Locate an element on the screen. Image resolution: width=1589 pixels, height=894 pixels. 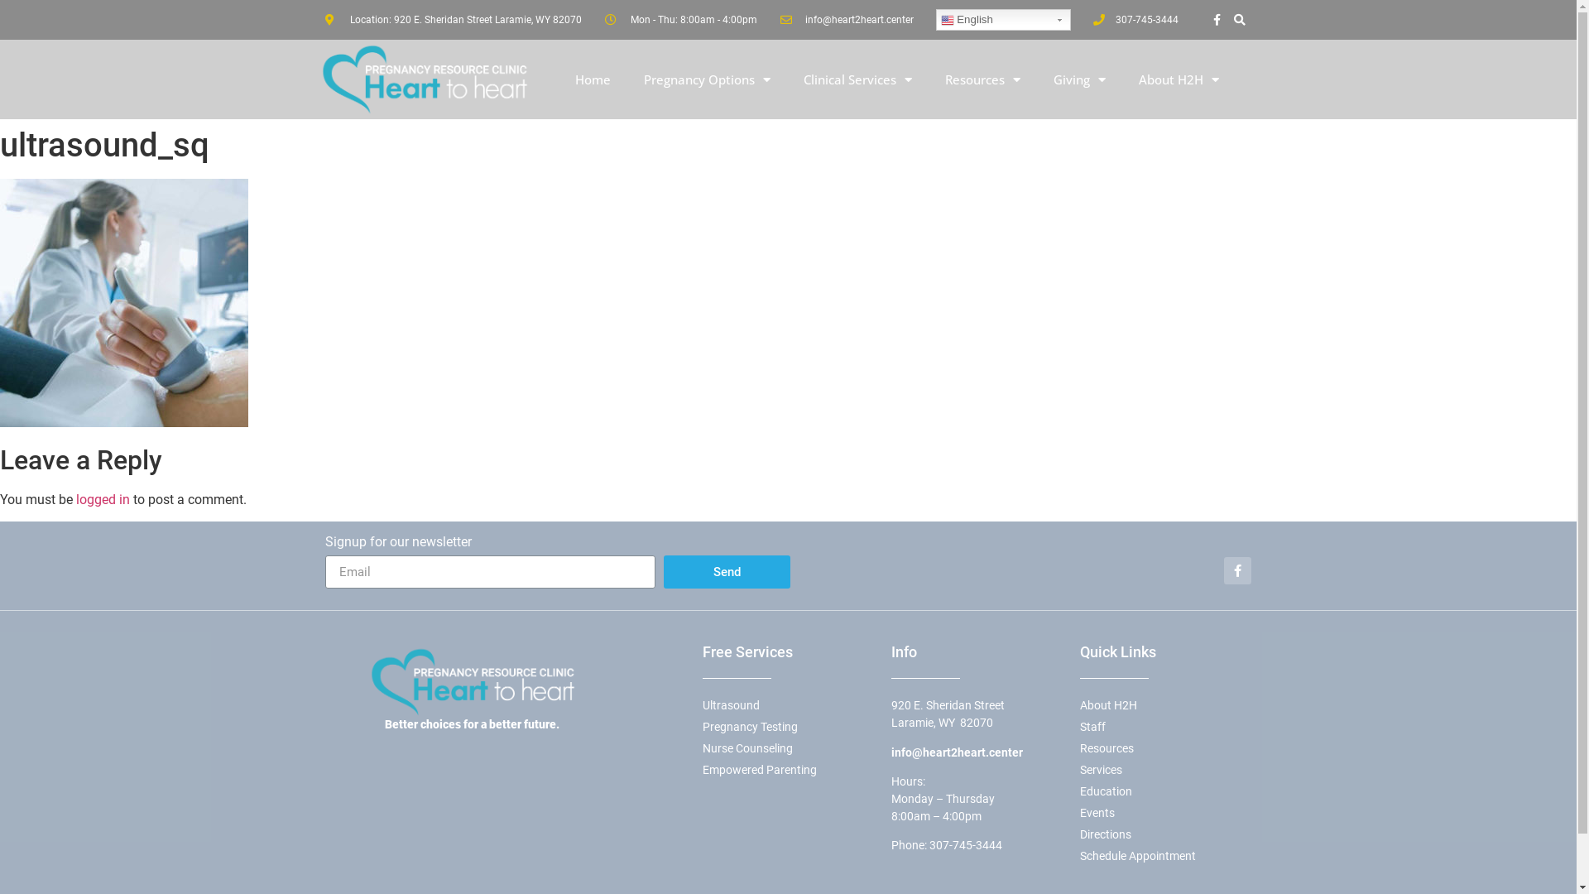
'Events' is located at coordinates (1164, 812).